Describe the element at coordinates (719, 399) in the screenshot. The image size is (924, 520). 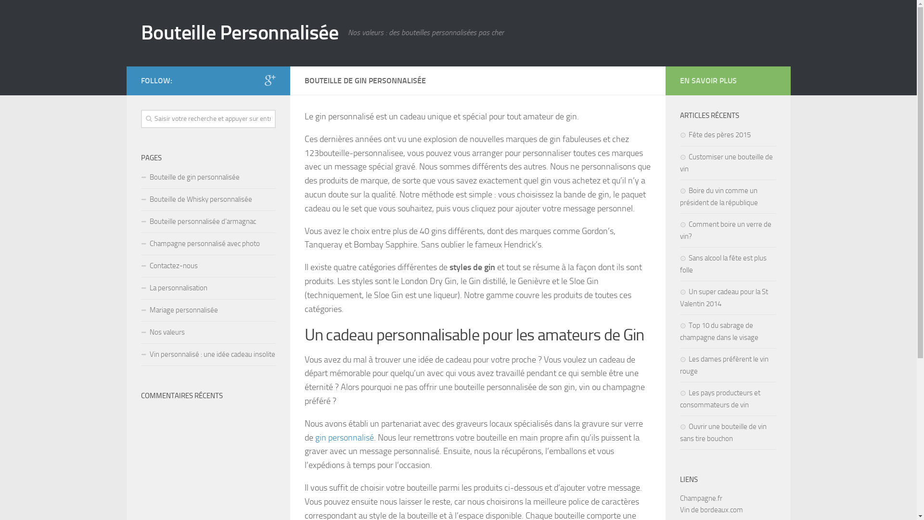
I see `'Les pays producteurs et consommateurs de vin'` at that location.